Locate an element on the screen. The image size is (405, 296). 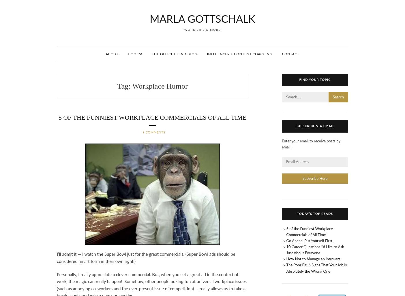
'The Poor Fit: 6 Signs That Your Job is Absolutely the Wrong One' is located at coordinates (316, 268).